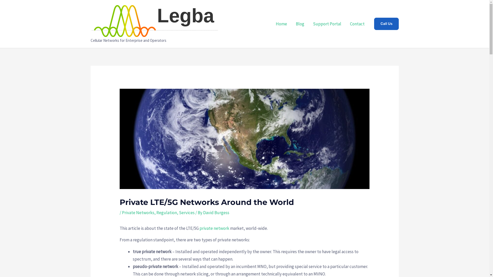 This screenshot has width=493, height=277. What do you see at coordinates (186, 213) in the screenshot?
I see `'Services'` at bounding box center [186, 213].